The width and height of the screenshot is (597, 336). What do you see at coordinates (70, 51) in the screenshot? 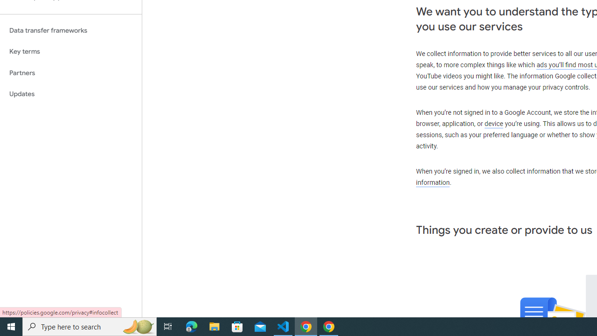
I see `'Key terms'` at bounding box center [70, 51].